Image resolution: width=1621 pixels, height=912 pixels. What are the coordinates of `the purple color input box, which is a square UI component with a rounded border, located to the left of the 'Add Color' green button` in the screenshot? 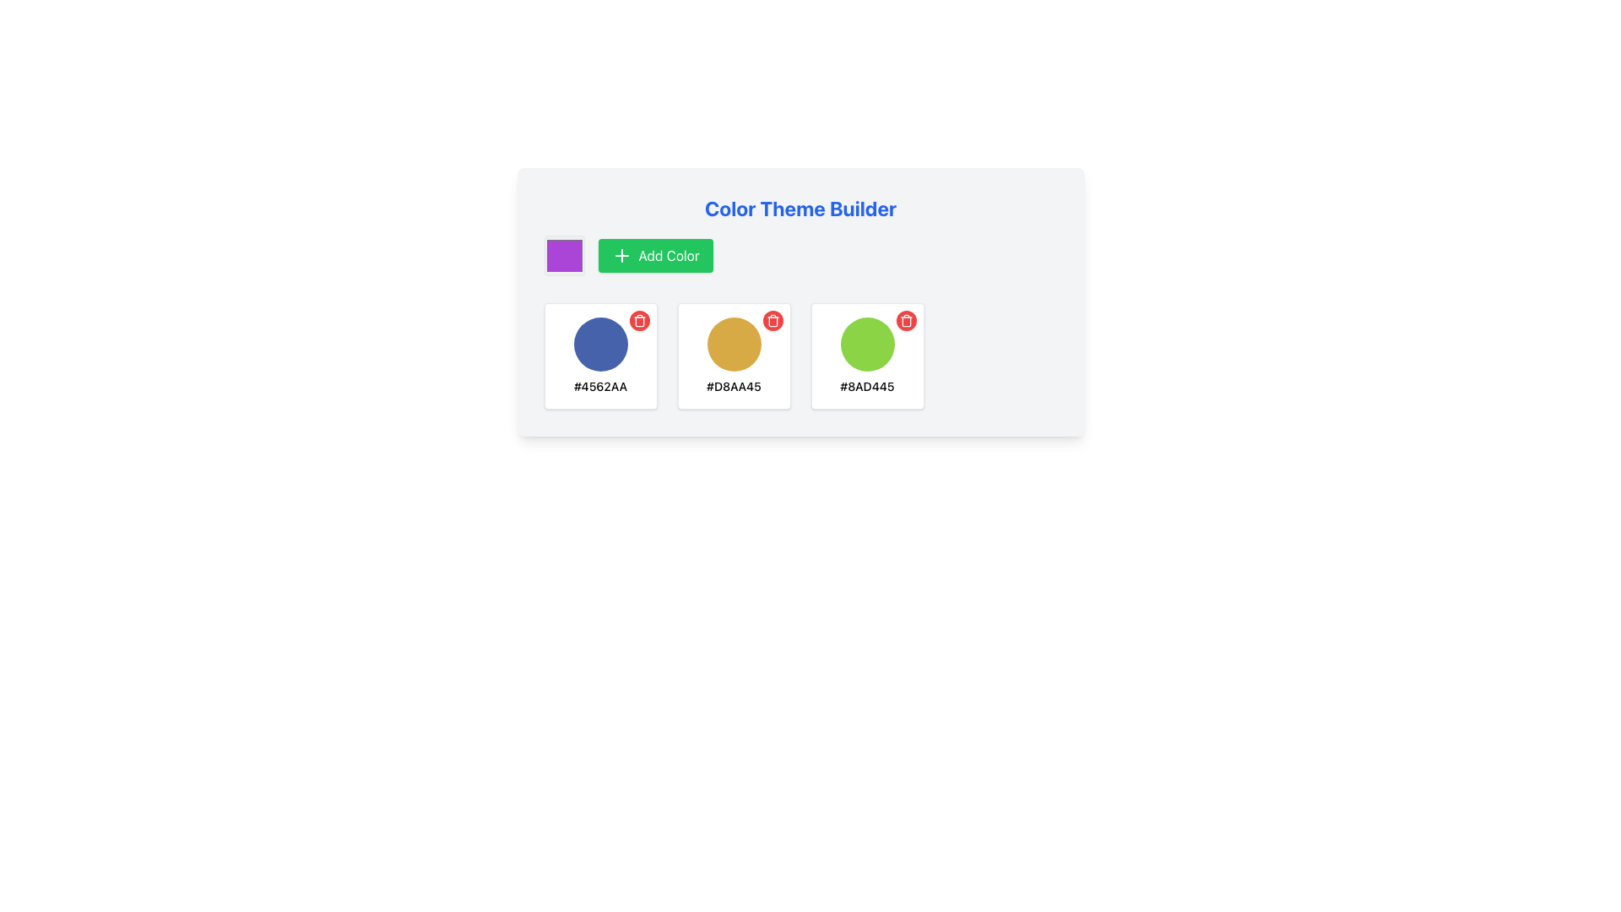 It's located at (564, 256).